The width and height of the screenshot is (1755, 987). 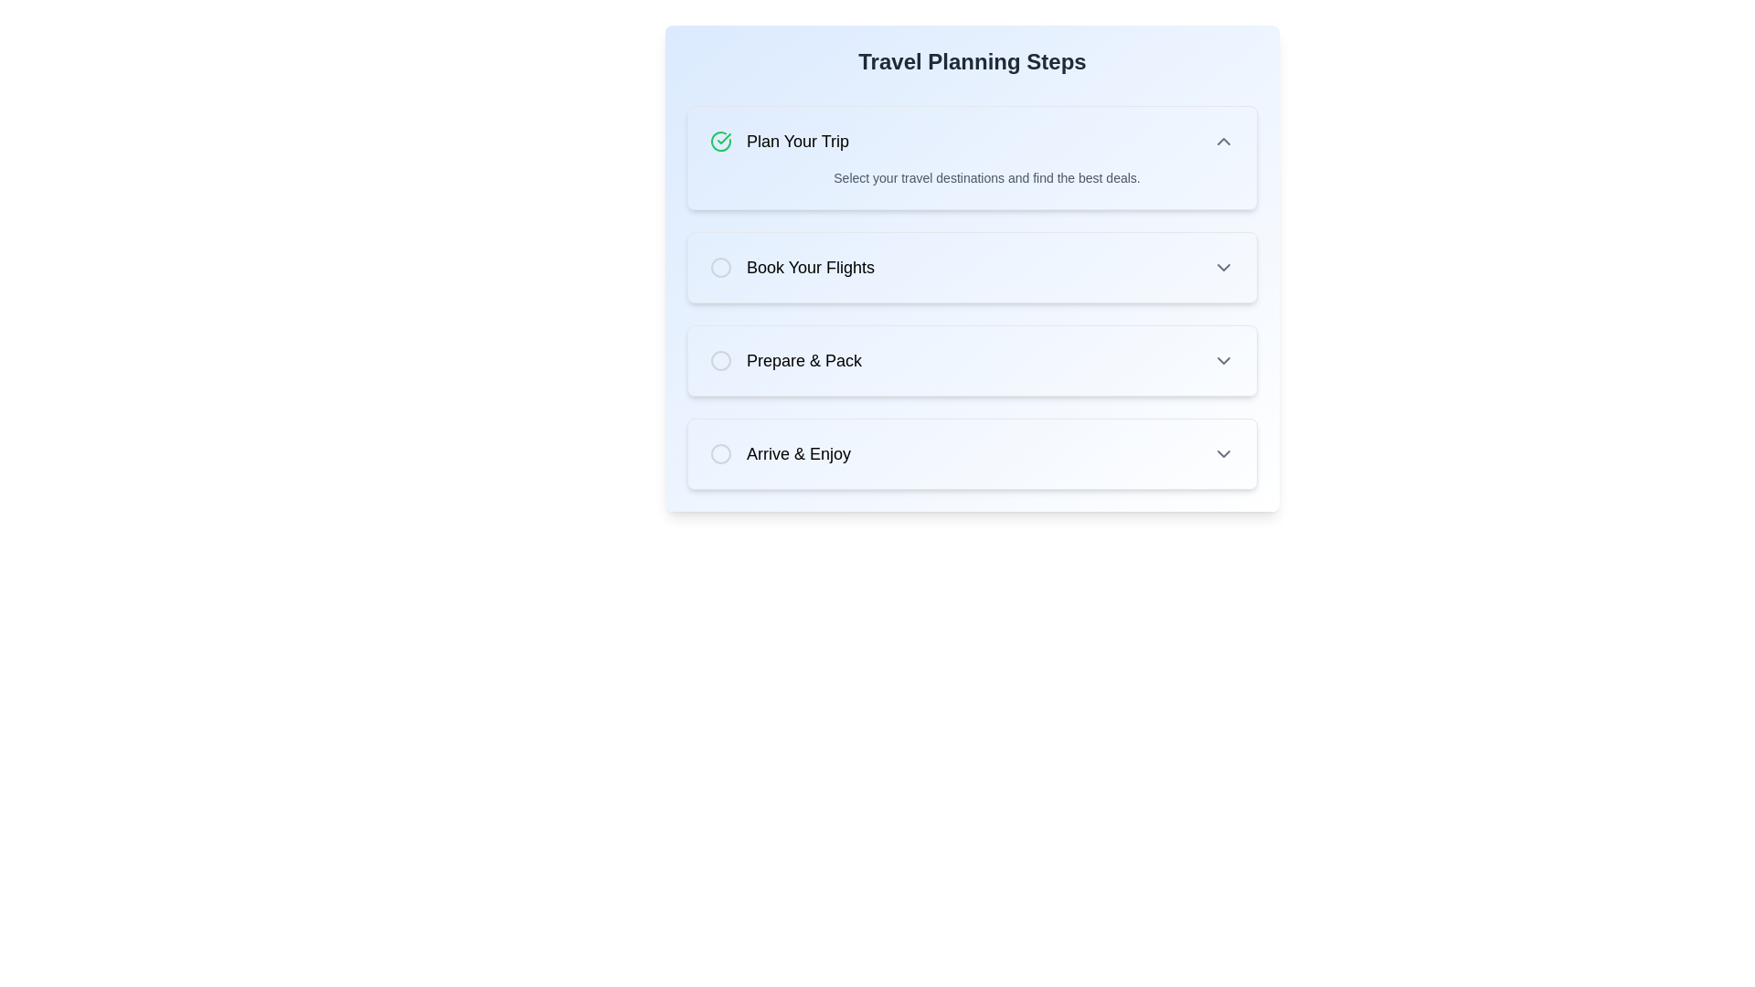 I want to click on the toggle button or icon element located on the far right side of the row containing the text 'Arrive & Enjoy', so click(x=1224, y=453).